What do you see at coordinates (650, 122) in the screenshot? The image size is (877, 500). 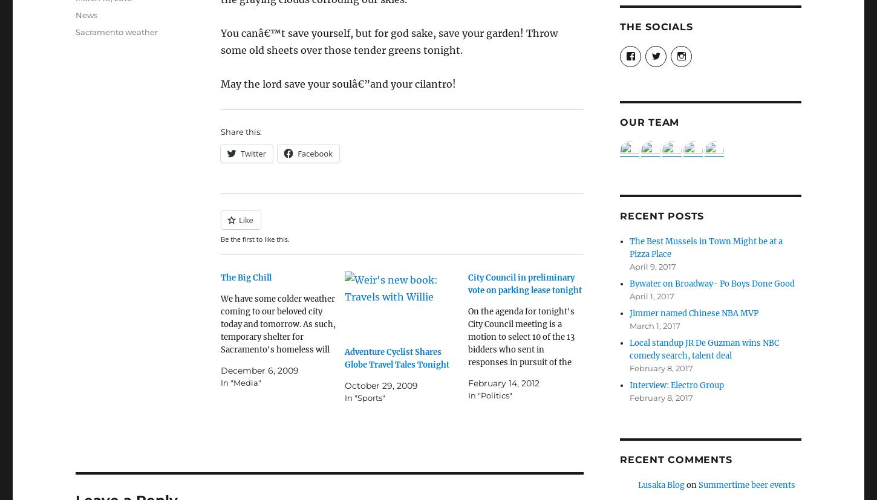 I see `'Our Team'` at bounding box center [650, 122].